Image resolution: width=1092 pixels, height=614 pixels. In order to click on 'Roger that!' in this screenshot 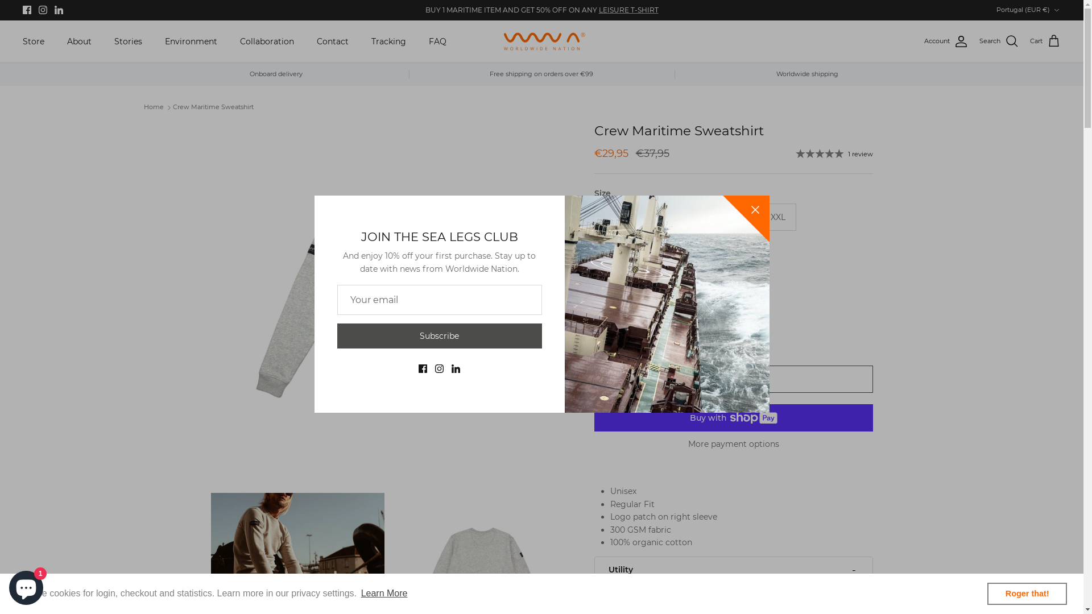, I will do `click(1027, 593)`.